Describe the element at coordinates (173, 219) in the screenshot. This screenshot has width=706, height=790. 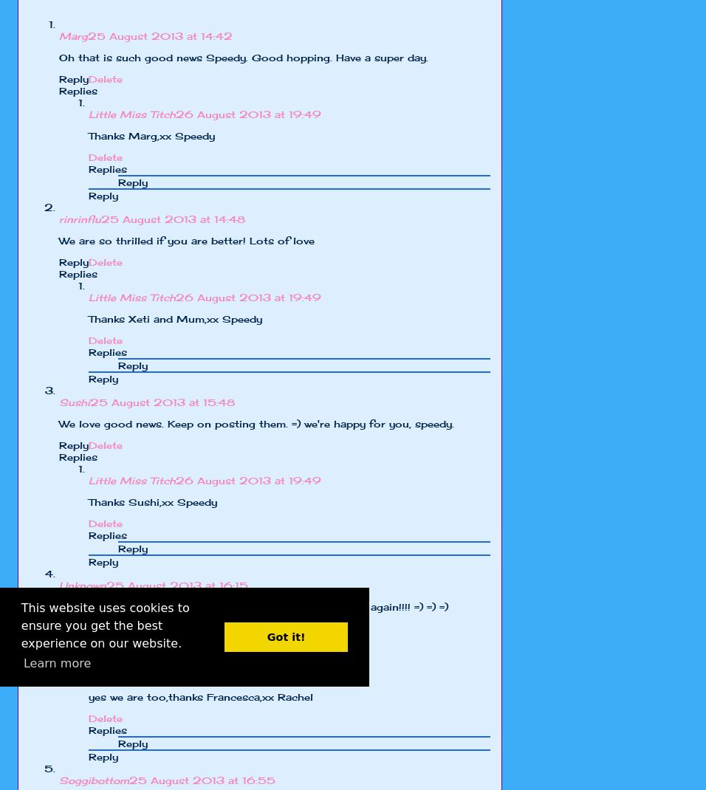
I see `'25 August 2013 at 14:48'` at that location.